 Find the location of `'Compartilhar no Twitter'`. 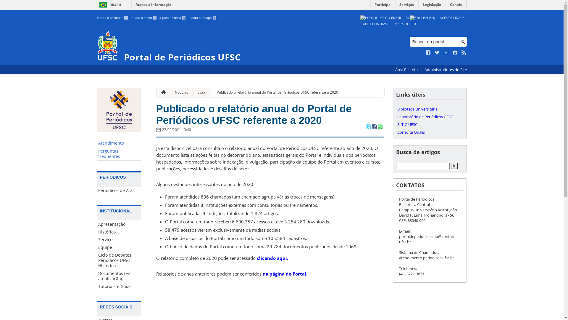

'Compartilhar no Twitter' is located at coordinates (367, 127).